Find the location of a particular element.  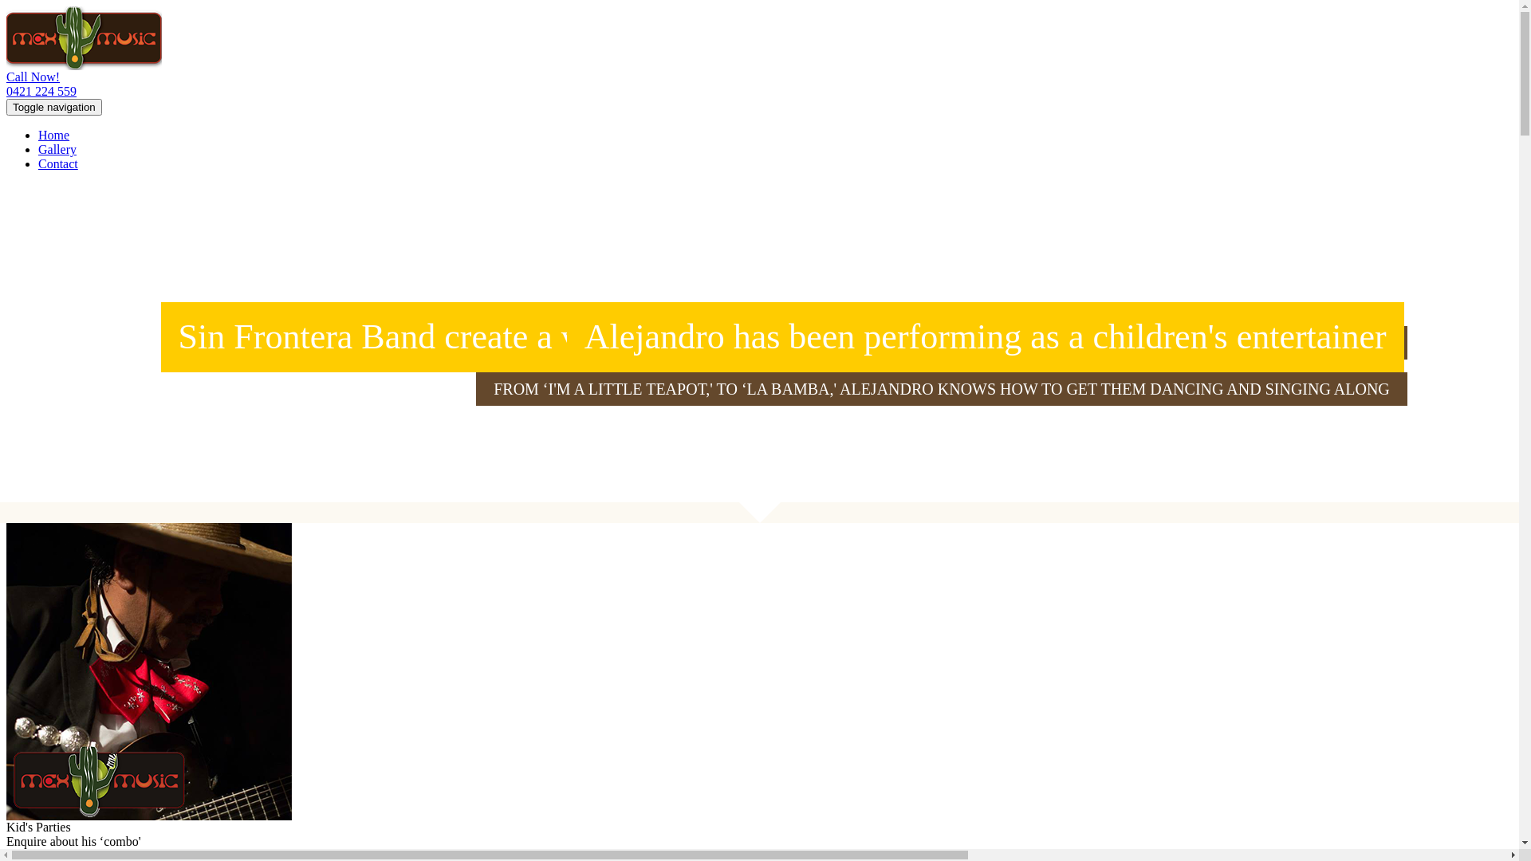

'Gallery' is located at coordinates (57, 149).